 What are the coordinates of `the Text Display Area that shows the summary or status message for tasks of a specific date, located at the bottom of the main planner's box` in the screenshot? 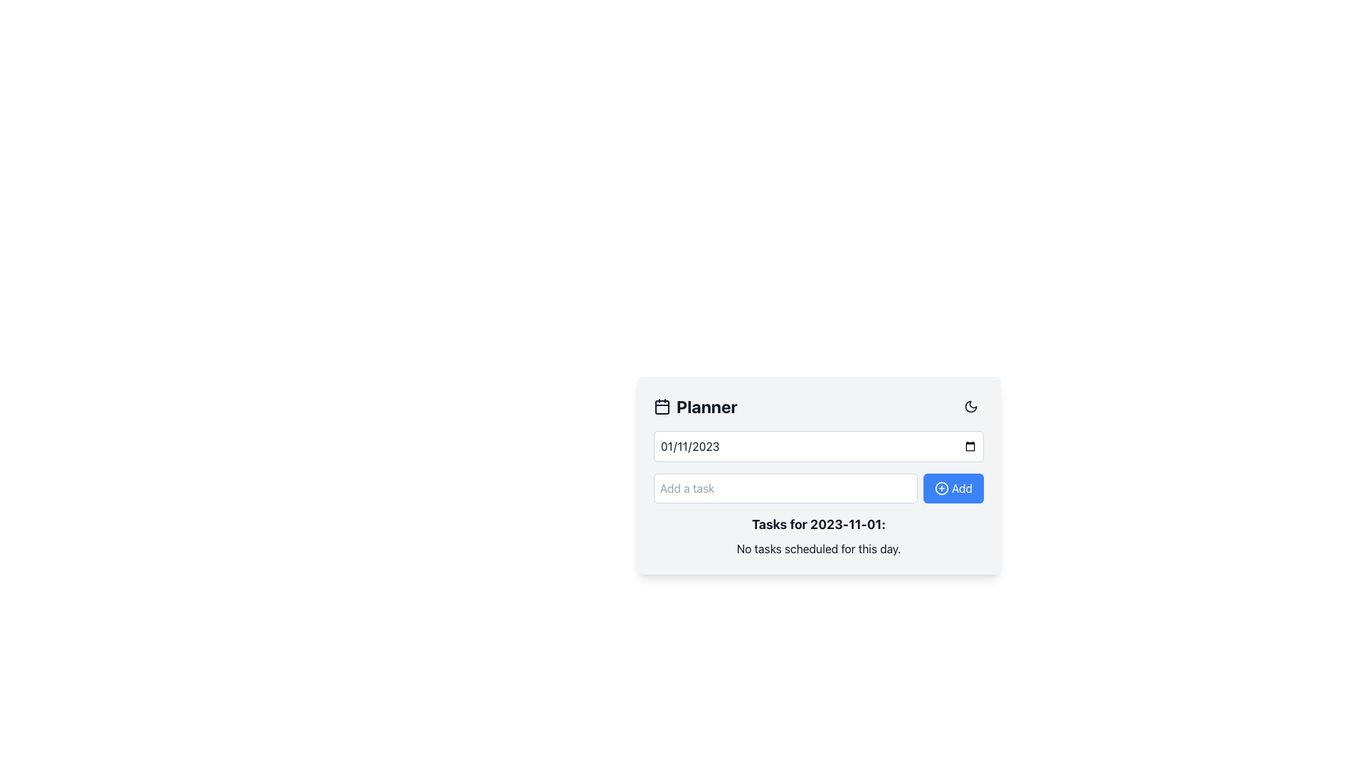 It's located at (819, 535).